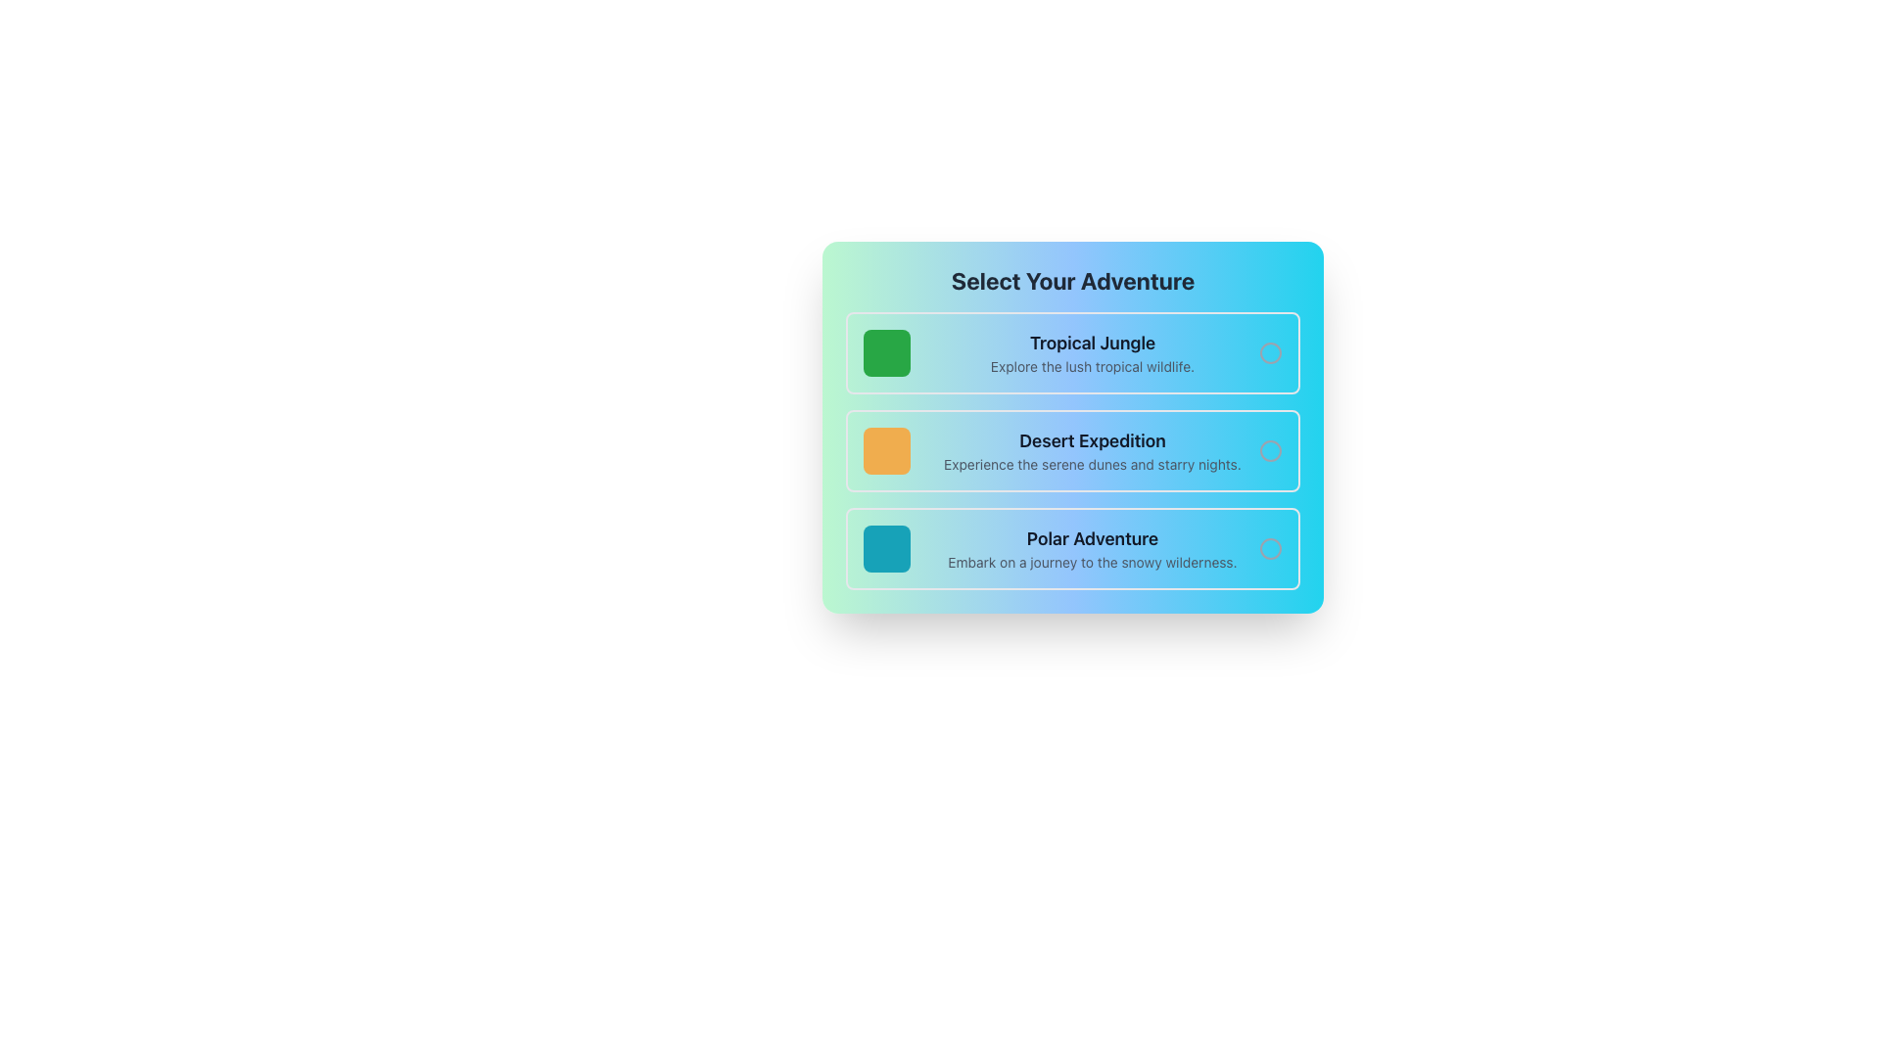 The height and width of the screenshot is (1057, 1880). What do you see at coordinates (886, 548) in the screenshot?
I see `the graphical marker associated with the 'Polar Adventure' option by moving the cursor to its center point` at bounding box center [886, 548].